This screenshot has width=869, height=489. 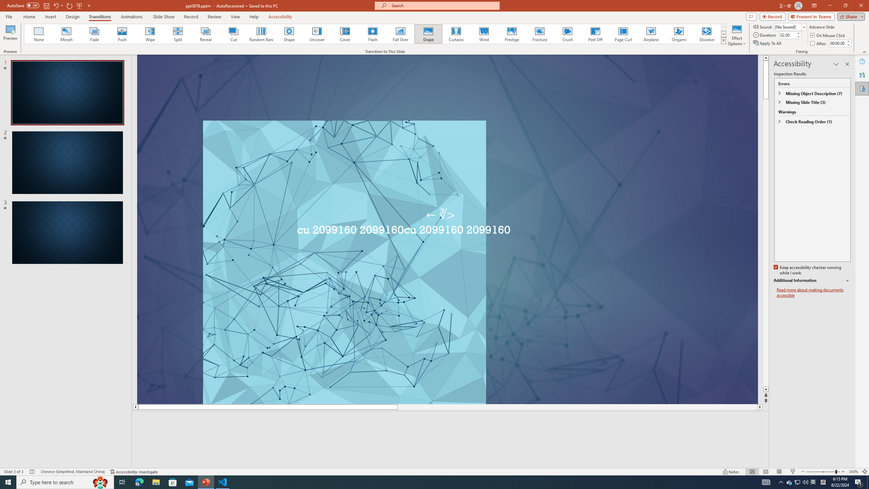 I want to click on 'Flash', so click(x=372, y=34).